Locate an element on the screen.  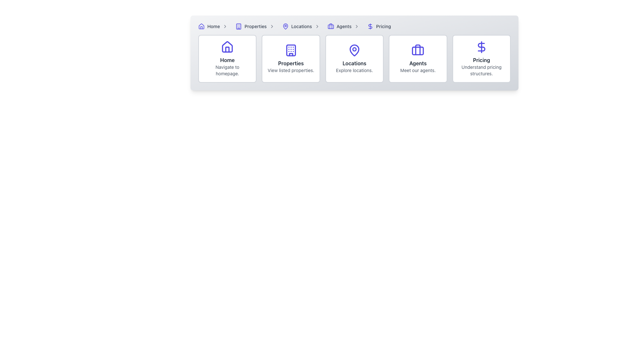
the 'Pricing' navigational link, which is the last item in the breadcrumb navigation bar is located at coordinates (379, 26).